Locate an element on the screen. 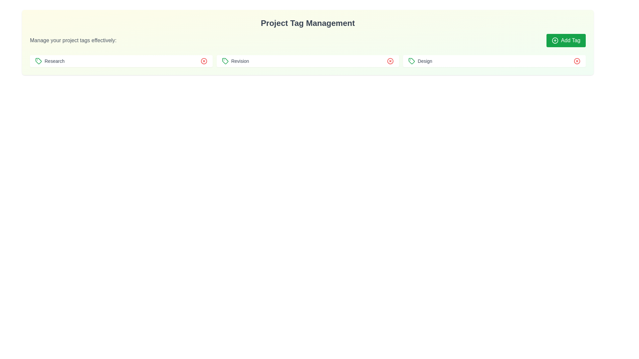 Image resolution: width=639 pixels, height=359 pixels. the 'Revision' text label, which is the second tag in a horizontal list of tags, positioned to the right of a green tag icon is located at coordinates (240, 61).